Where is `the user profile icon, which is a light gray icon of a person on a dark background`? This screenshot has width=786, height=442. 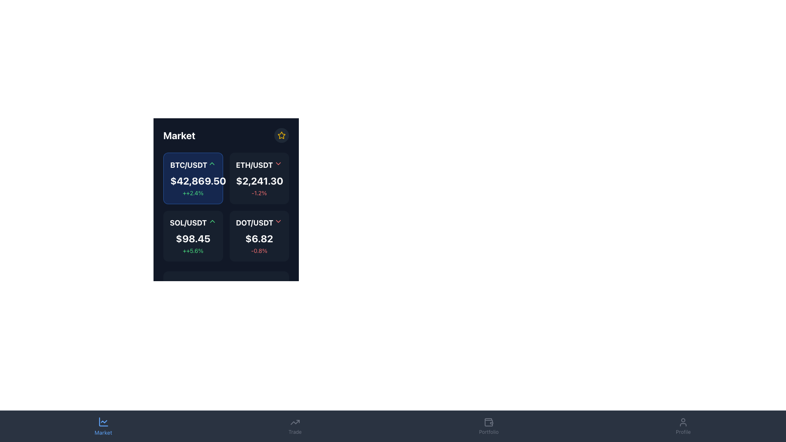 the user profile icon, which is a light gray icon of a person on a dark background is located at coordinates (683, 422).